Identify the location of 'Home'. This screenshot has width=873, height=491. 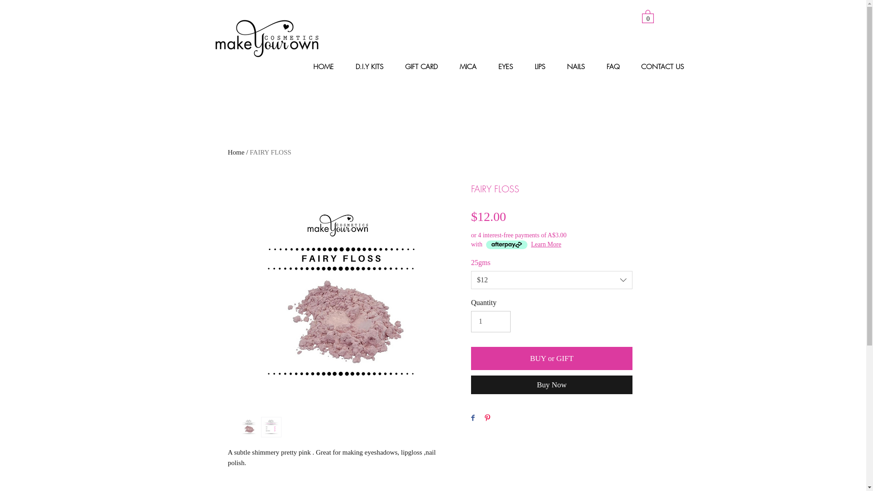
(236, 152).